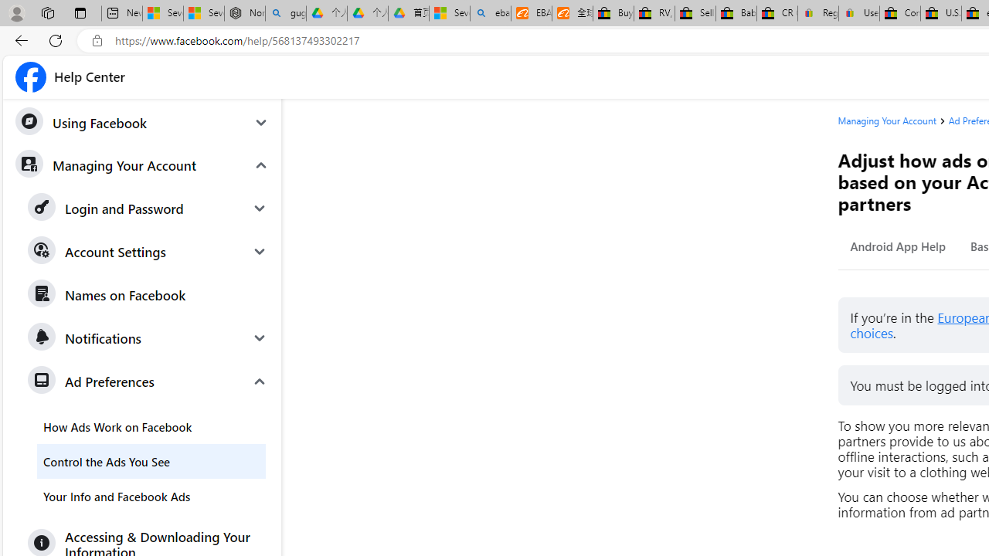 The width and height of the screenshot is (989, 556). I want to click on 'Names on Facebook', so click(148, 294).